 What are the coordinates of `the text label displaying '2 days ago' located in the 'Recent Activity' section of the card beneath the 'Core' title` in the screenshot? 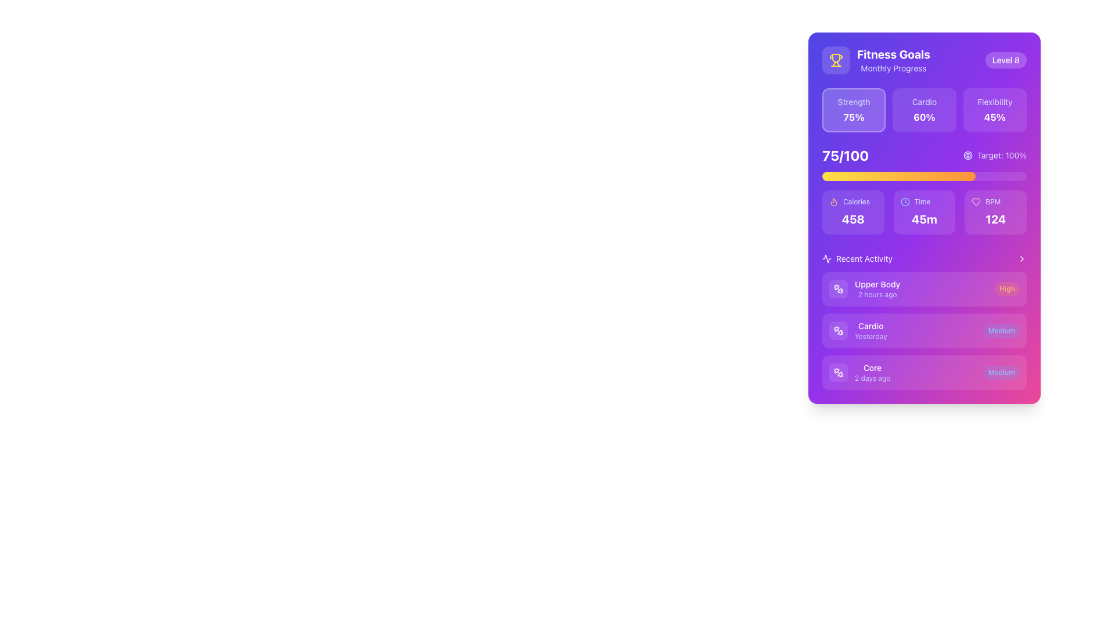 It's located at (872, 378).